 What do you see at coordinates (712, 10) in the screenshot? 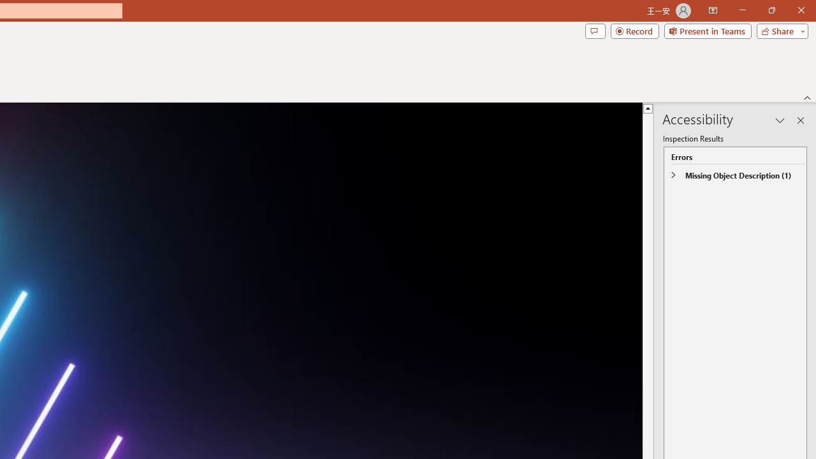
I see `'Ribbon Display Options'` at bounding box center [712, 10].